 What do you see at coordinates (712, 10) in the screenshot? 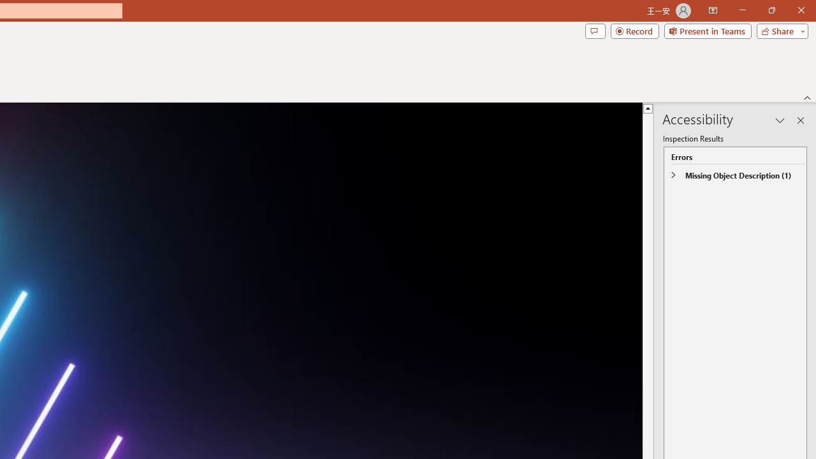
I see `'Ribbon Display Options'` at bounding box center [712, 10].